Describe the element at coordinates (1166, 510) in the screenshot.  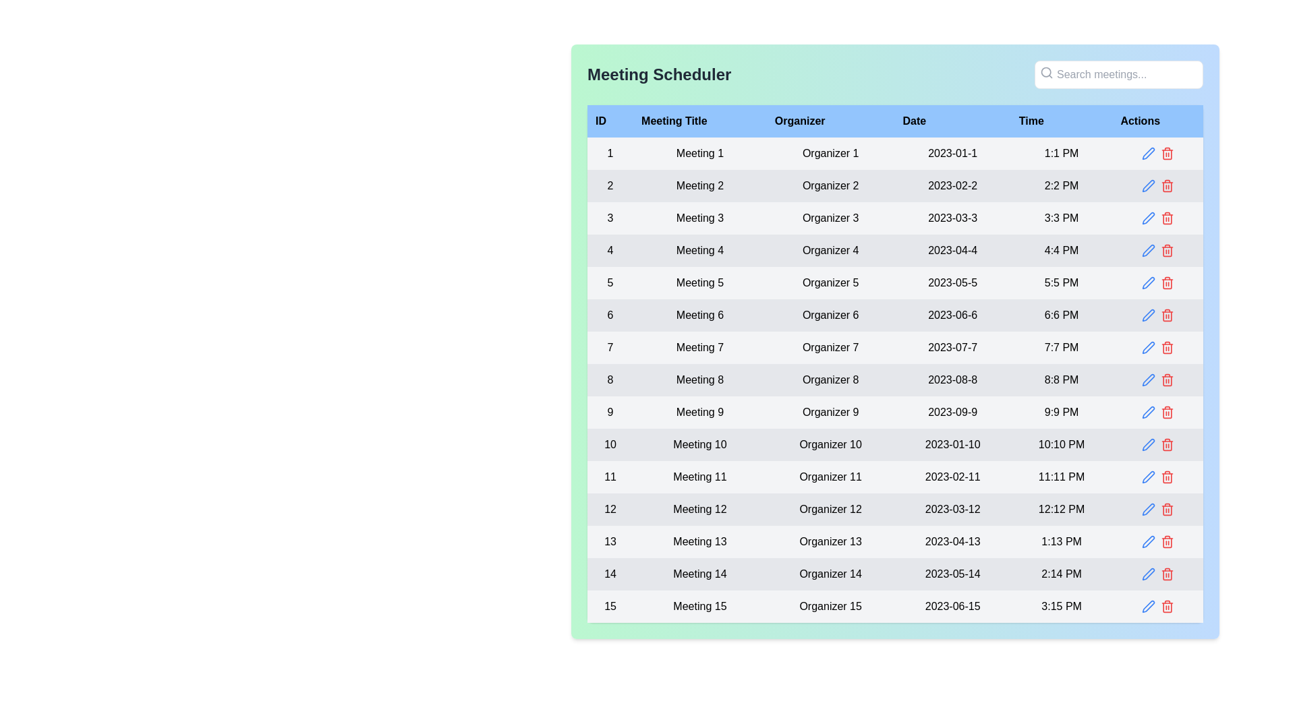
I see `the red trash can icon in the 'Actions' column for 'Meeting 12'` at that location.